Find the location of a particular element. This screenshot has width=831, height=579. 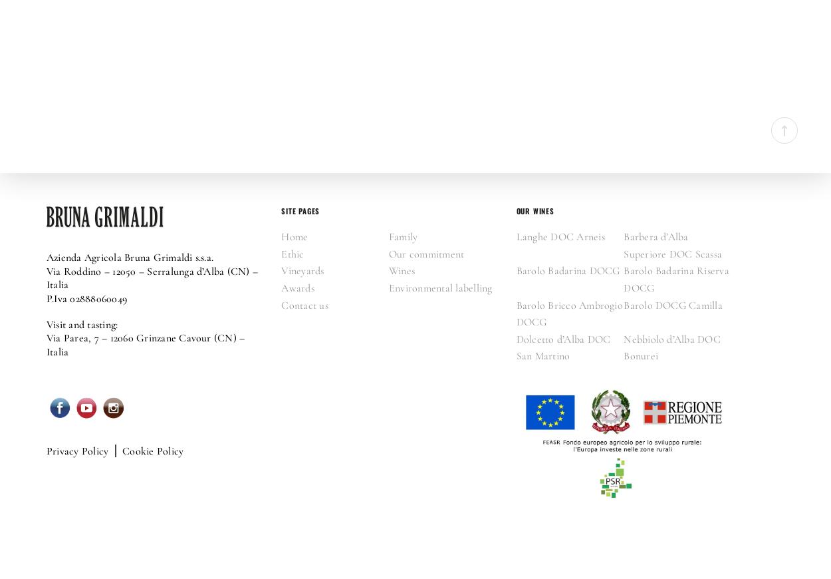

'Visit and tasting:' is located at coordinates (81, 323).